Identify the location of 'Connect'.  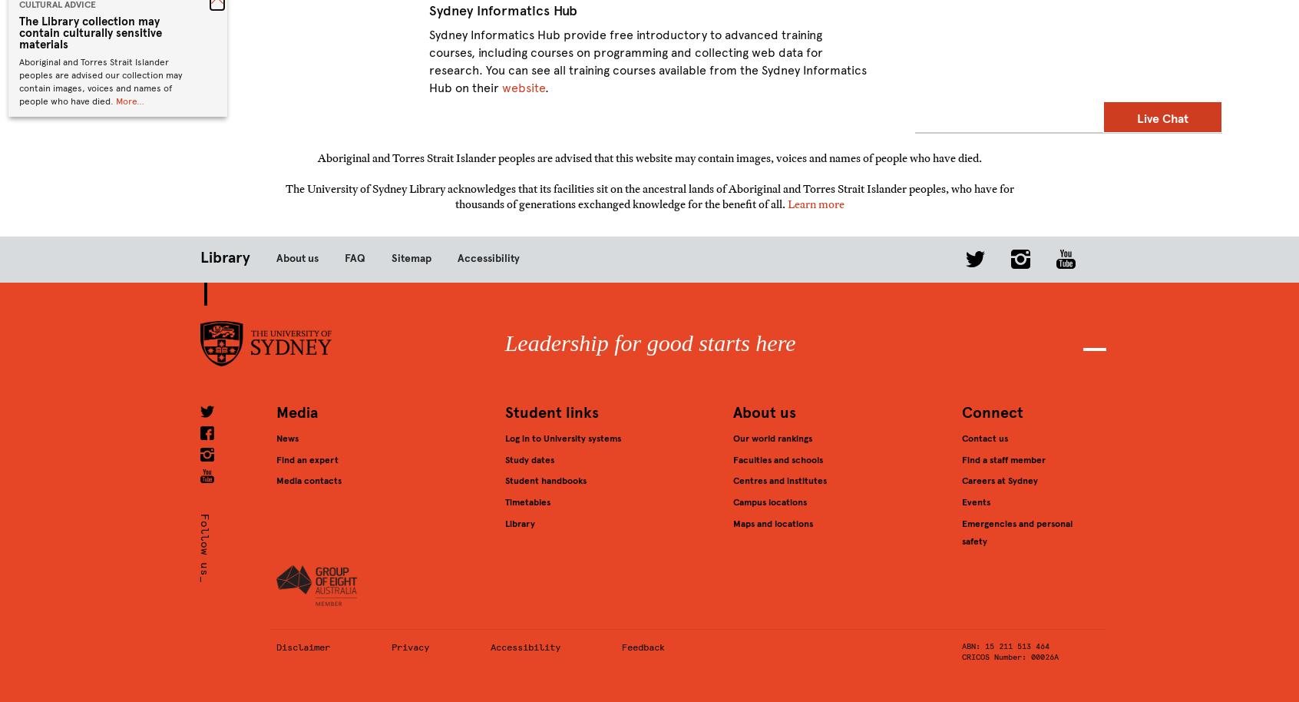
(991, 411).